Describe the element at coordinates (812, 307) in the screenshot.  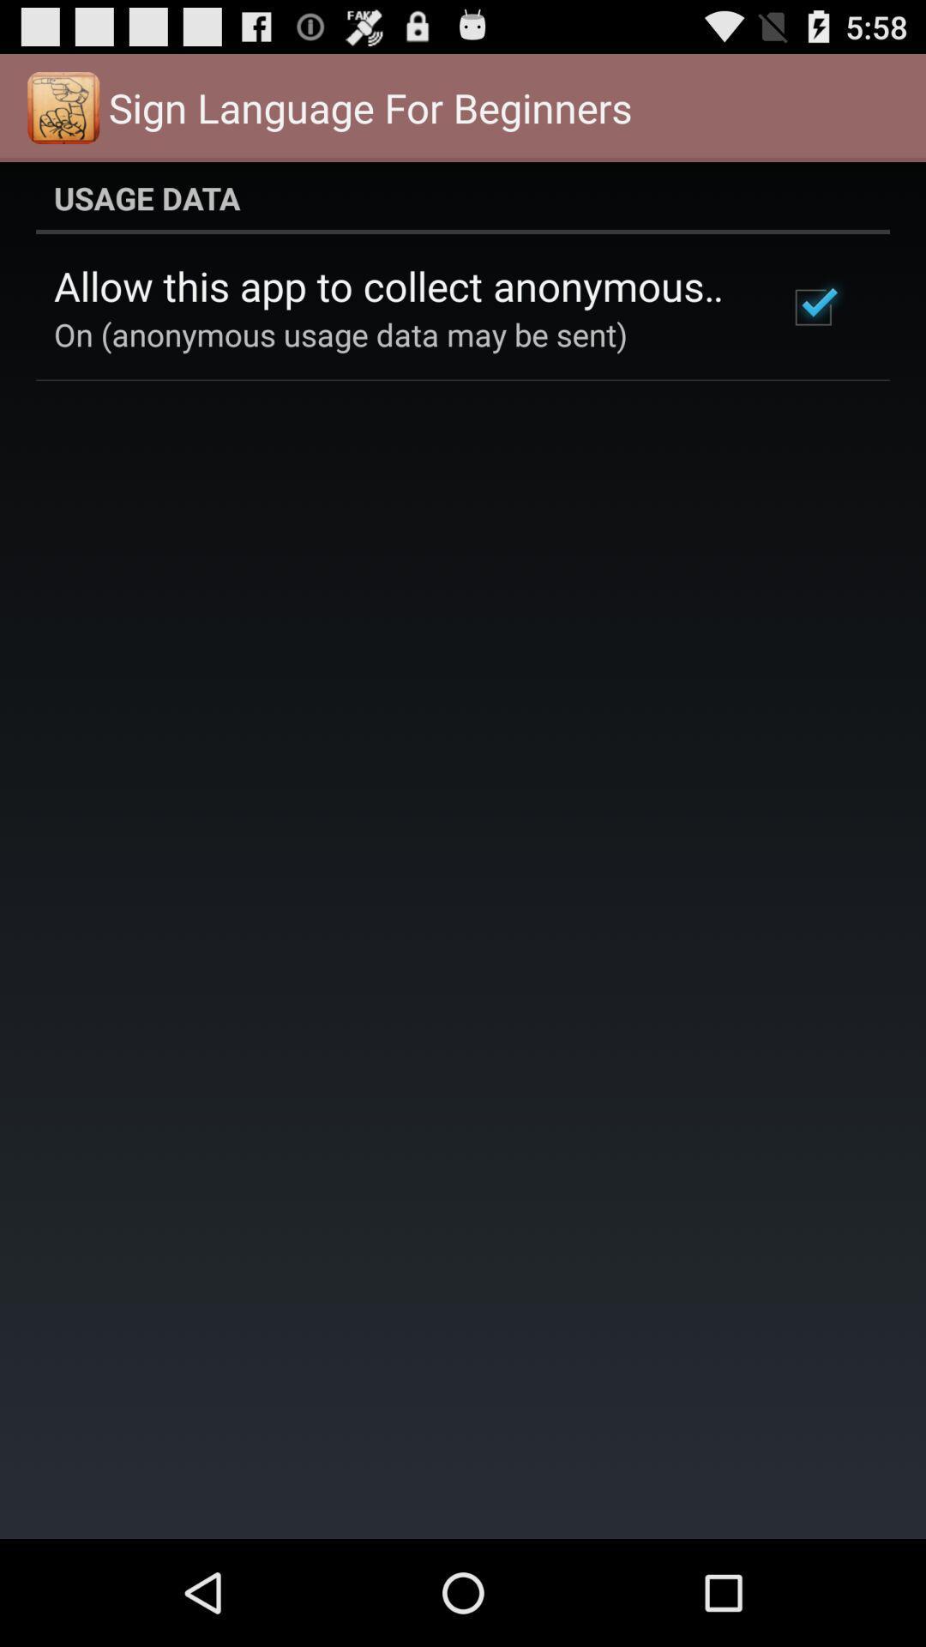
I see `the icon at the top right corner` at that location.